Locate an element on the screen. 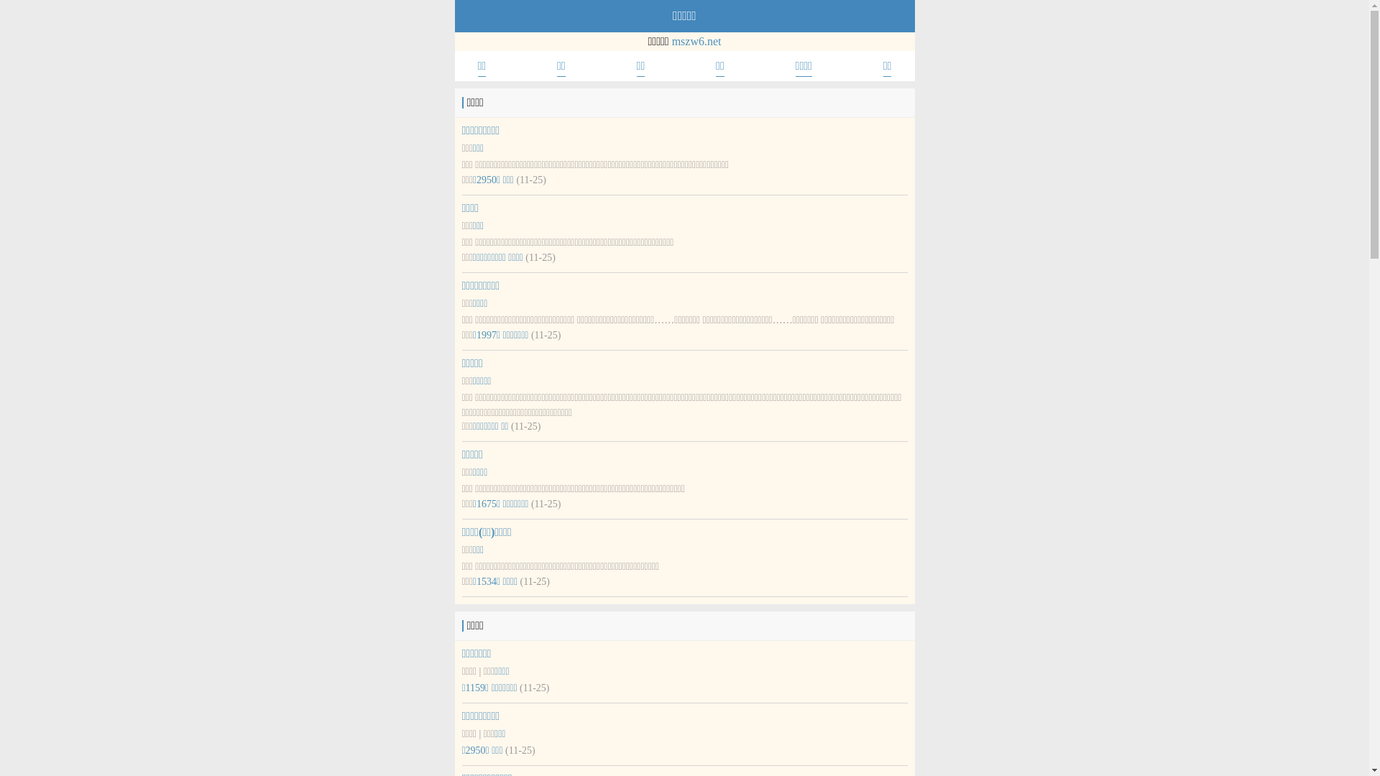  'mszw6.net' is located at coordinates (696, 40).